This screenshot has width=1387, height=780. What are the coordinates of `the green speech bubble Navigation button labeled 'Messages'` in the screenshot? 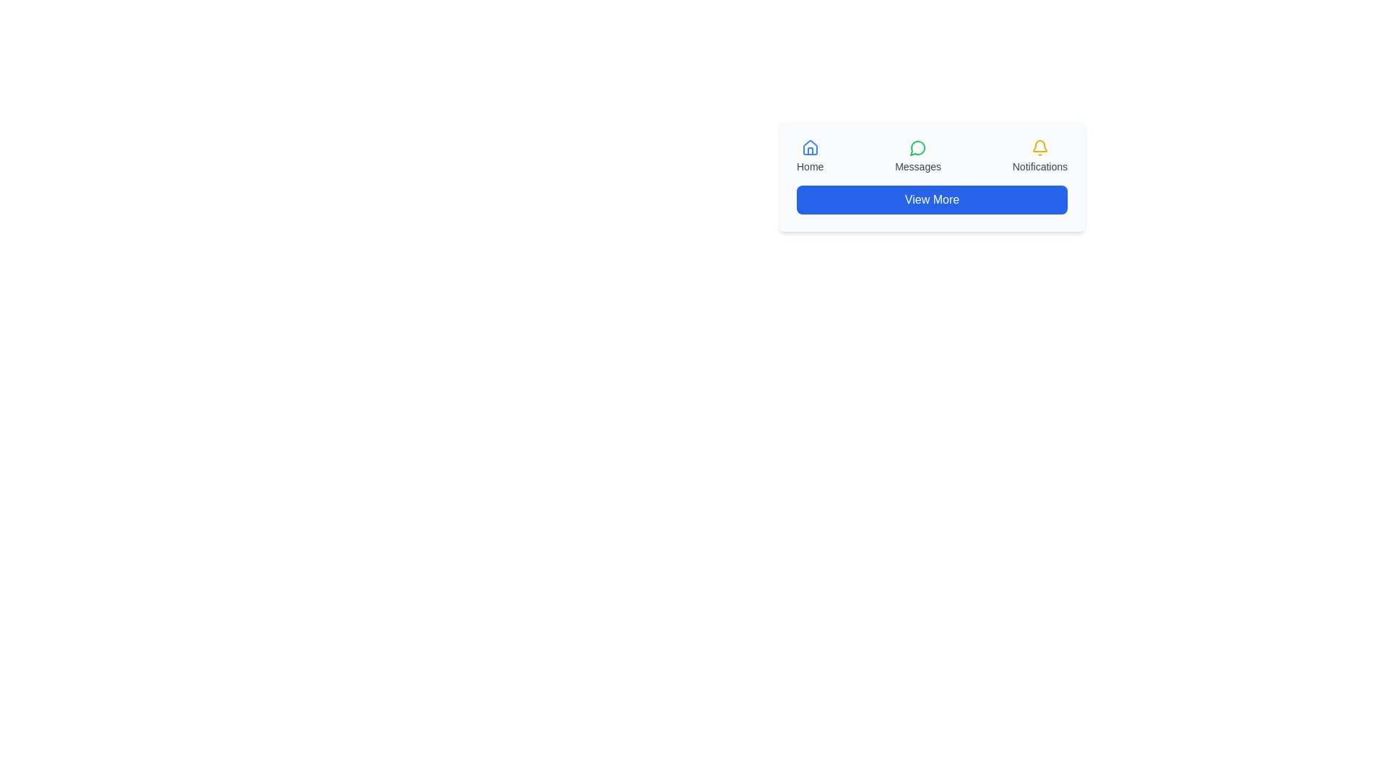 It's located at (917, 156).